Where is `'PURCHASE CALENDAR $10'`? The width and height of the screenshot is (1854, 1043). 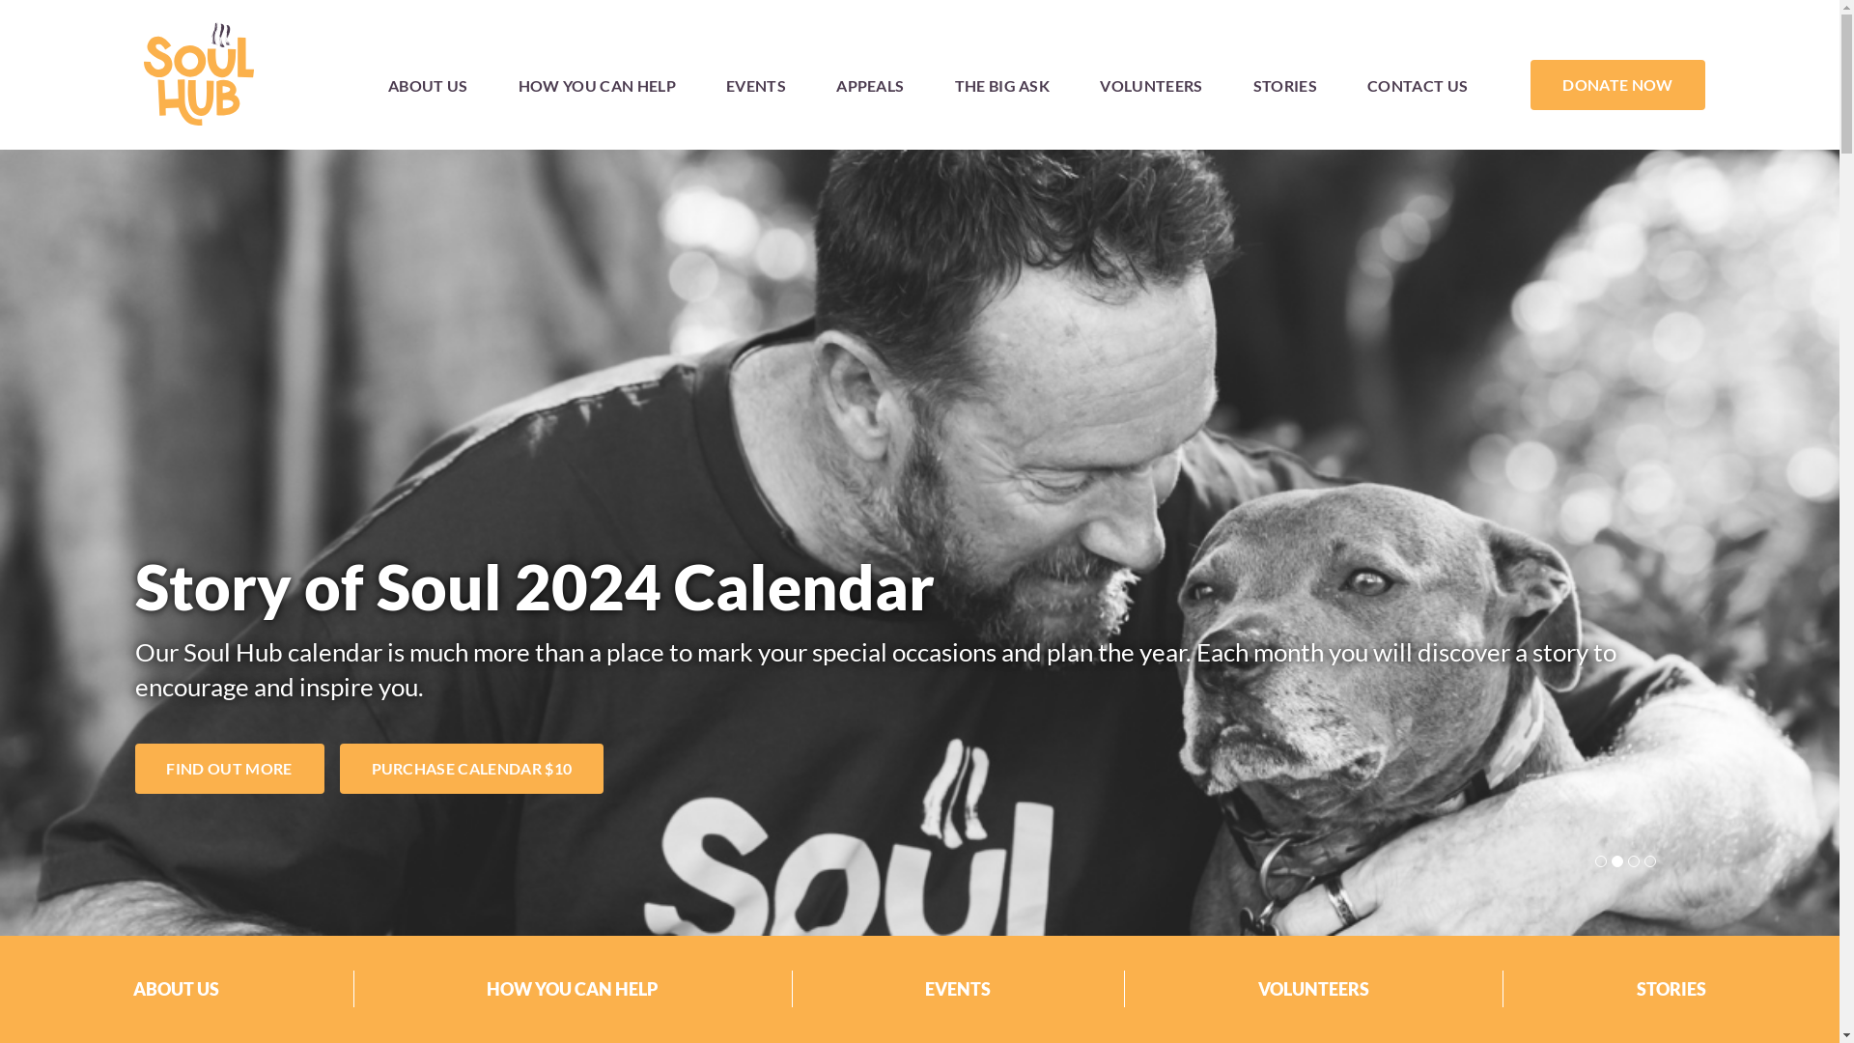
'PURCHASE CALENDAR $10' is located at coordinates (472, 767).